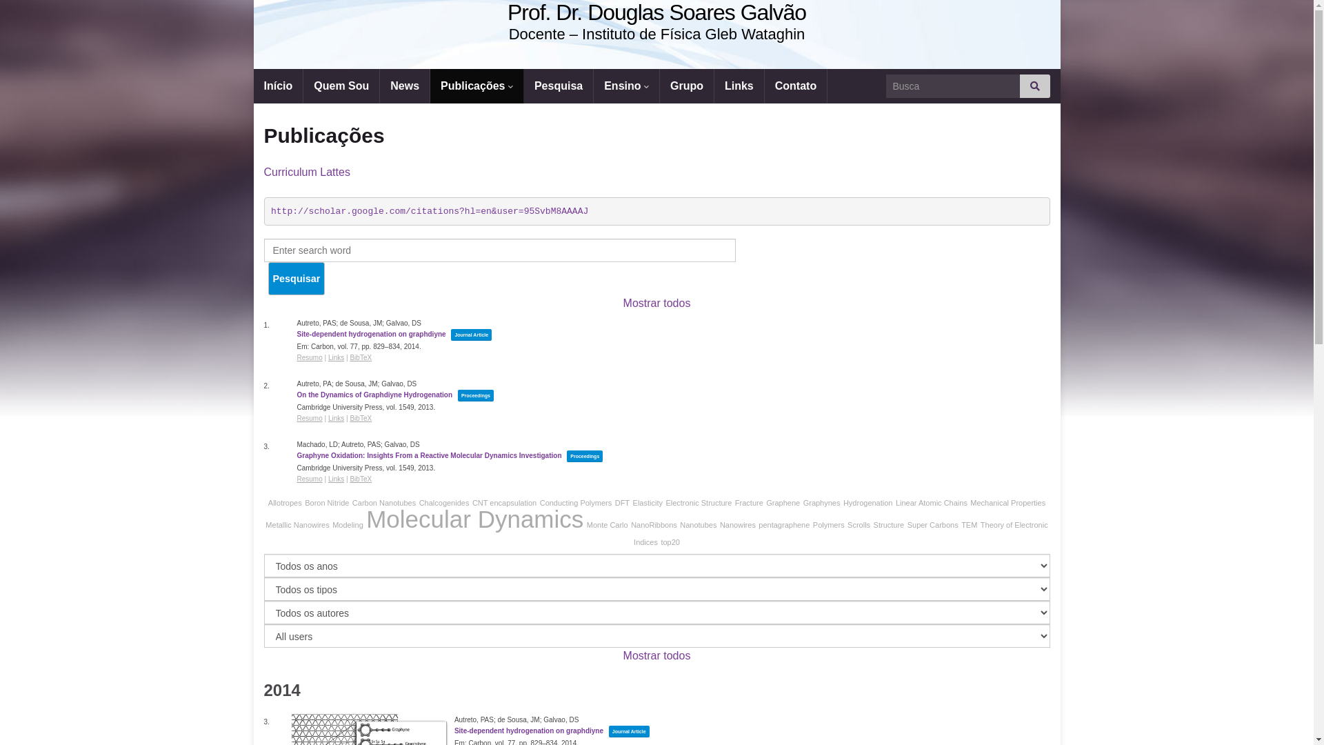 The image size is (1324, 745). I want to click on 'Fracture', so click(748, 503).